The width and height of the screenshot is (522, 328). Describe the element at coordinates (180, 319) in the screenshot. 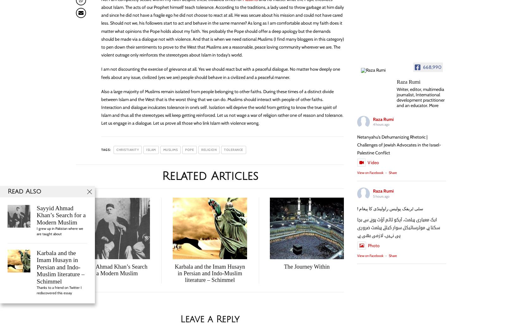

I see `'Leave a Reply'` at that location.